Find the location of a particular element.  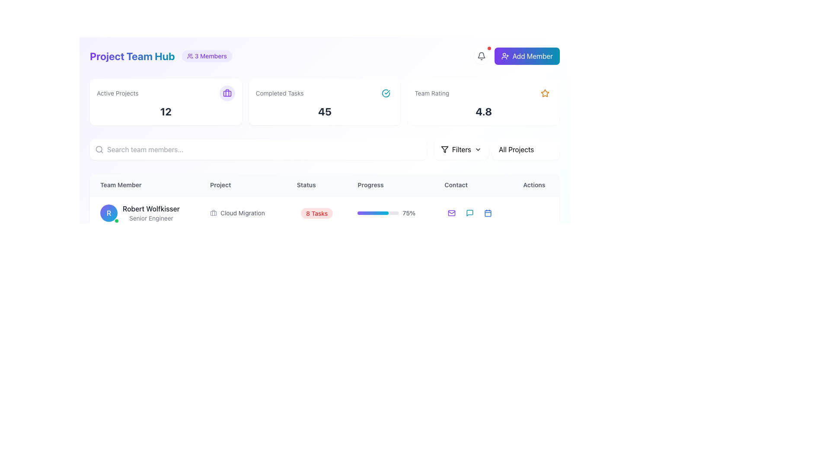

the outline of the mail or envelope icon located within the 'Contact' column of the team member's row in the table is located at coordinates (451, 245).